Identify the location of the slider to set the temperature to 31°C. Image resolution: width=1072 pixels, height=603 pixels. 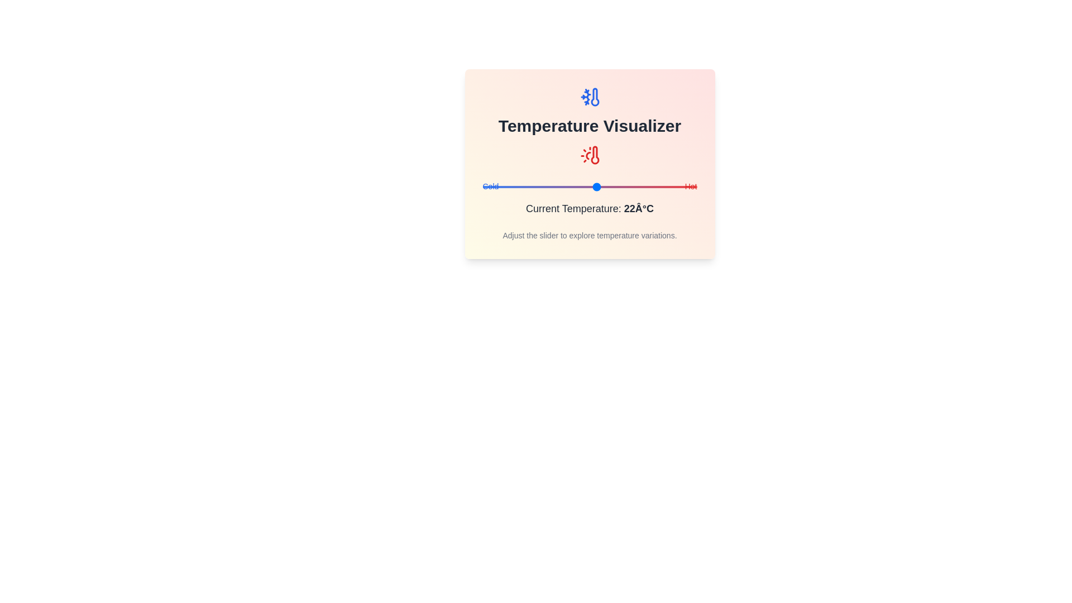
(629, 186).